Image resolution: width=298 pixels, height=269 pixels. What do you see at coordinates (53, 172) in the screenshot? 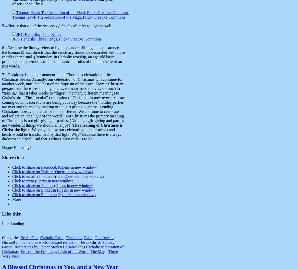
I see `'Click to share on Twitter (Opens in new window)'` at bounding box center [53, 172].